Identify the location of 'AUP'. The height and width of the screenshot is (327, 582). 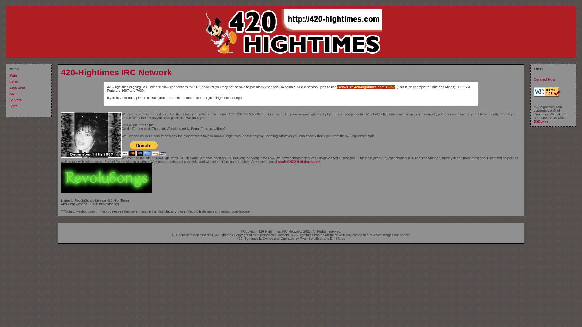
(13, 94).